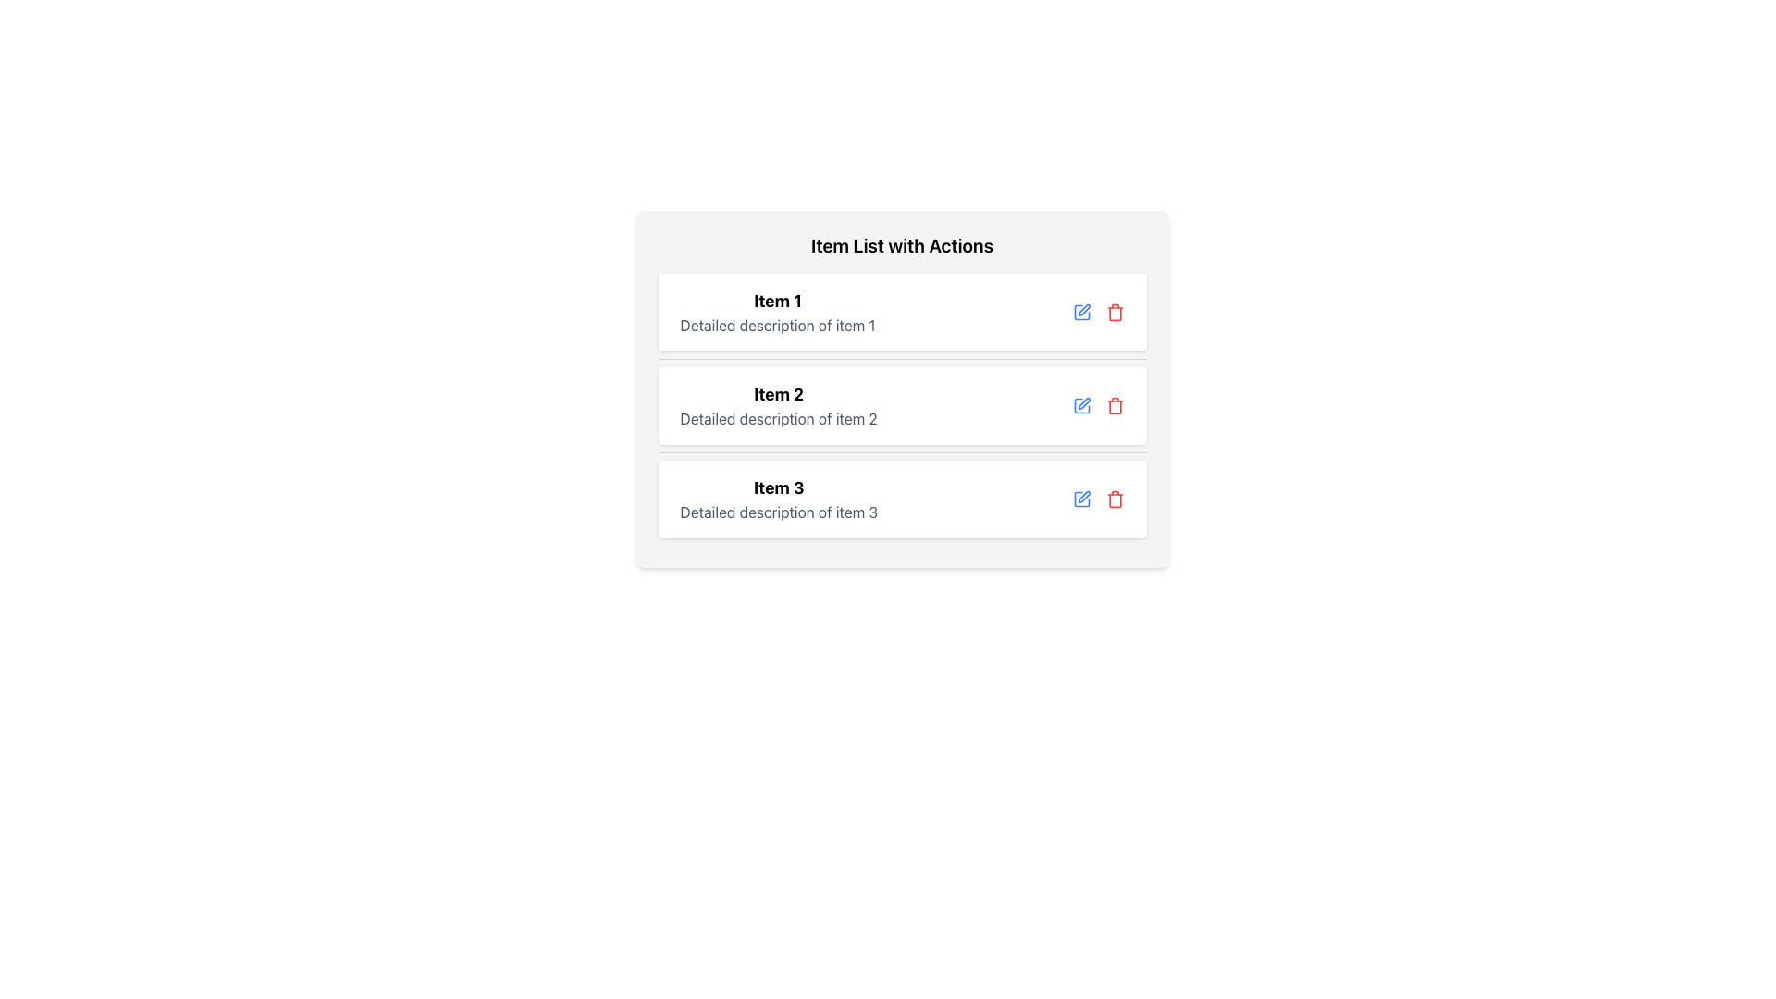  What do you see at coordinates (1081, 499) in the screenshot?
I see `the stylized square button with rounded edges located to the right of the 'Item 3' text in the action menu` at bounding box center [1081, 499].